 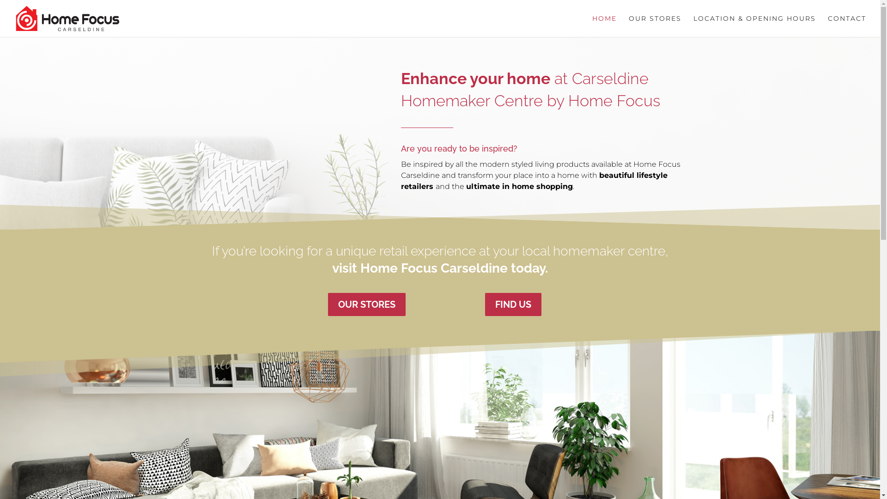 What do you see at coordinates (366, 304) in the screenshot?
I see `'OUR STORES'` at bounding box center [366, 304].